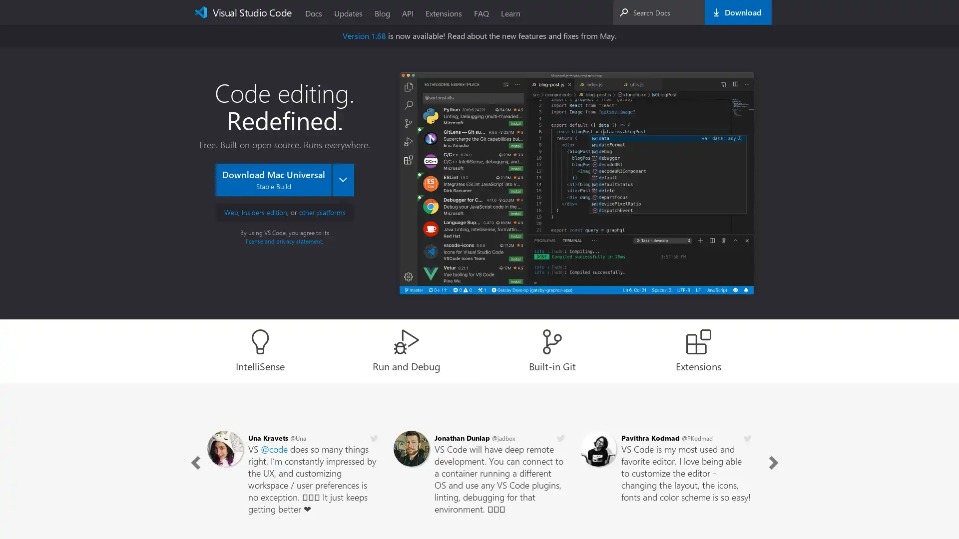 This screenshot has height=539, width=959. What do you see at coordinates (273, 180) in the screenshot?
I see `Download Mac Universal Stable Build` at bounding box center [273, 180].